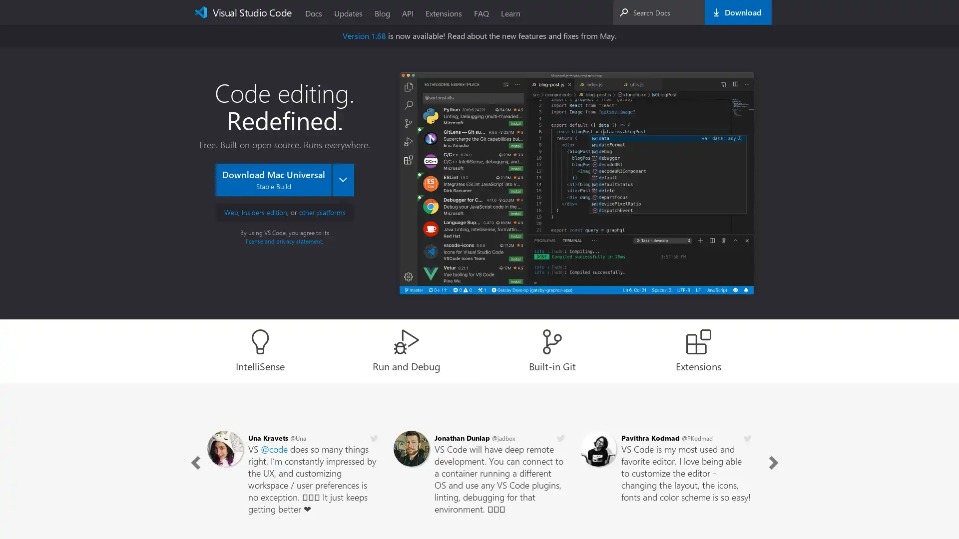 This screenshot has height=539, width=959. What do you see at coordinates (273, 180) in the screenshot?
I see `Download Mac Universal Stable Build` at bounding box center [273, 180].